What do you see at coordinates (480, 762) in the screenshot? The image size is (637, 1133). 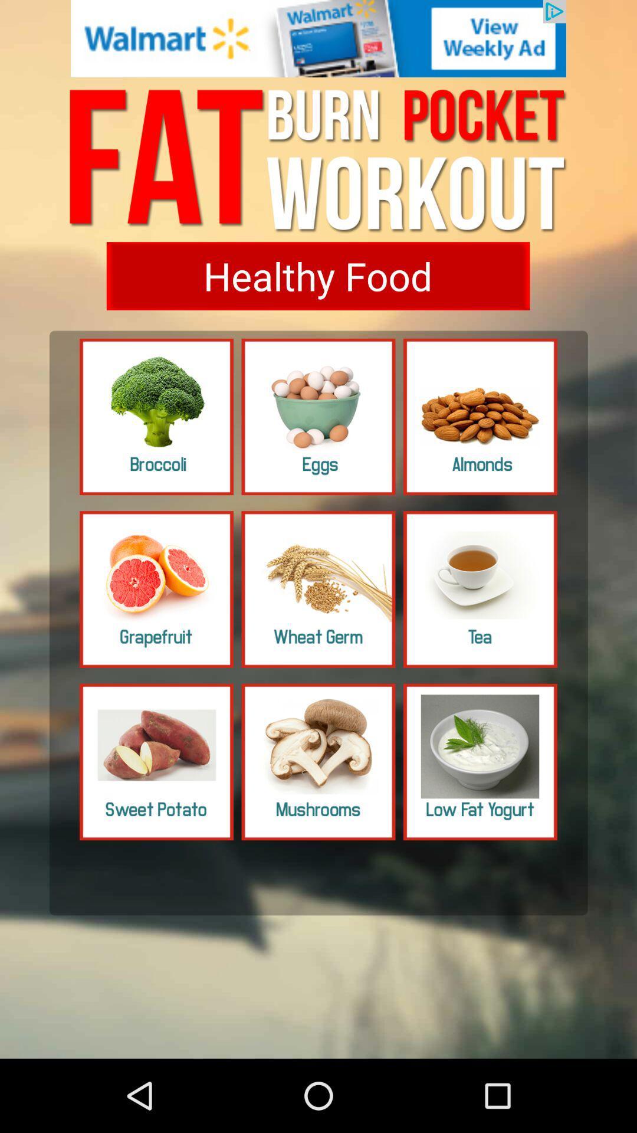 I see `low fat yogurt option` at bounding box center [480, 762].